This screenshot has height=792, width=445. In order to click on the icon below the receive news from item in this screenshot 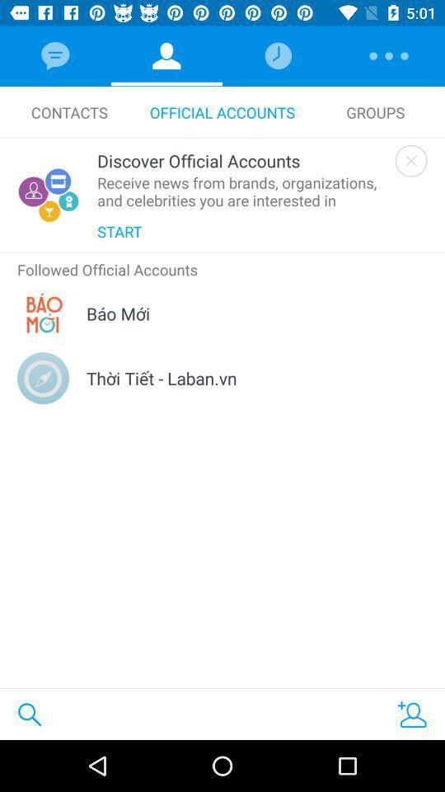, I will do `click(119, 230)`.